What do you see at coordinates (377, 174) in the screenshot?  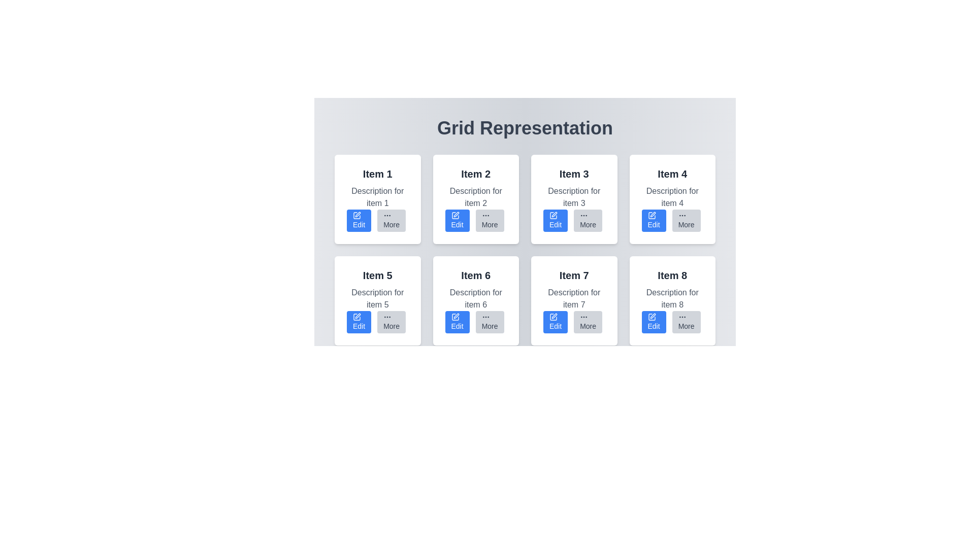 I see `the 'Item 1' text label, which is displayed in a bold black font in the top-left corner of the first card of a grid` at bounding box center [377, 174].